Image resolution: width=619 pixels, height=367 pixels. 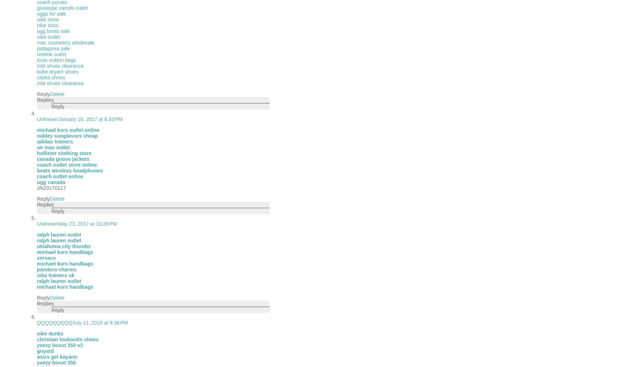 What do you see at coordinates (48, 19) in the screenshot?
I see `'nike store'` at bounding box center [48, 19].